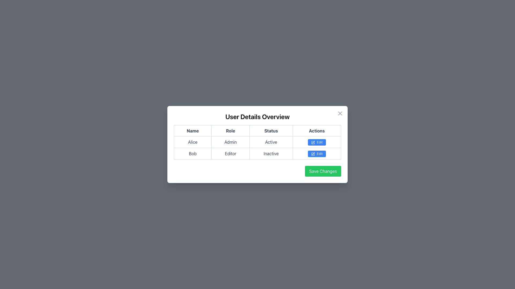 The height and width of the screenshot is (289, 515). What do you see at coordinates (313, 154) in the screenshot?
I see `the 'Edit' icon located in the top-right corner of the second row under the 'Actions' column in the table` at bounding box center [313, 154].